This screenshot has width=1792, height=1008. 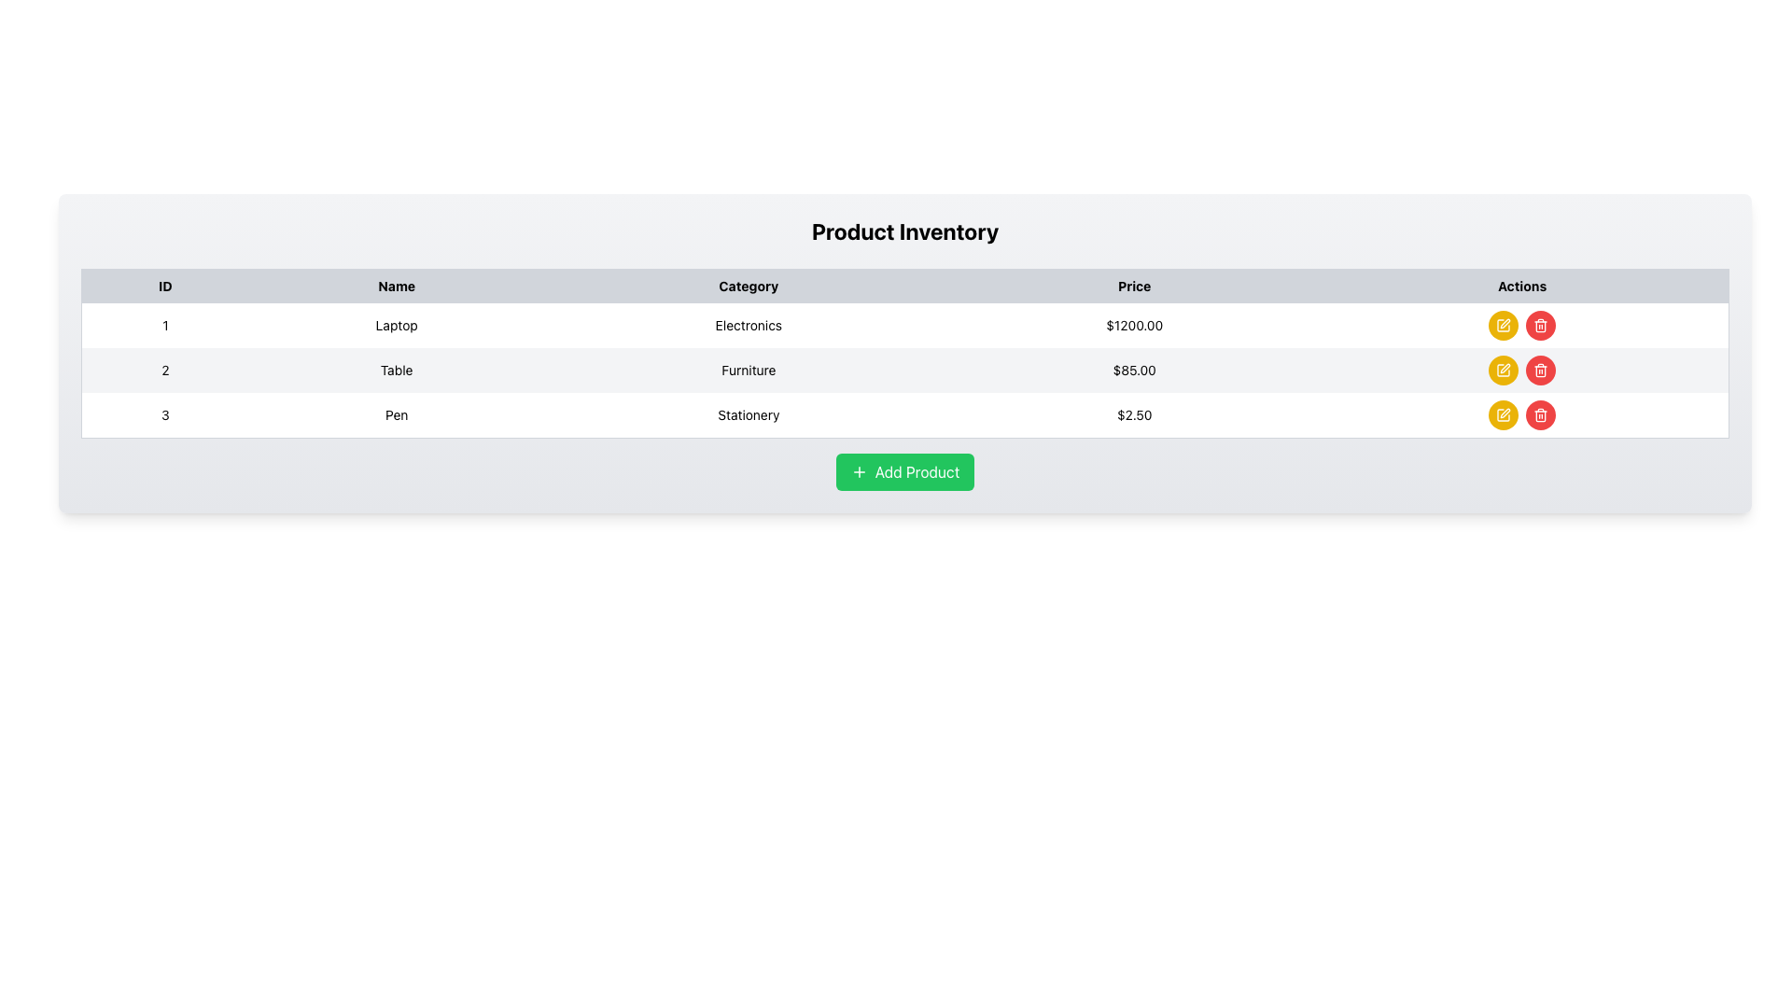 What do you see at coordinates (1133, 324) in the screenshot?
I see `the static text displaying the price '$1200.00' in the pricing column of the product table` at bounding box center [1133, 324].